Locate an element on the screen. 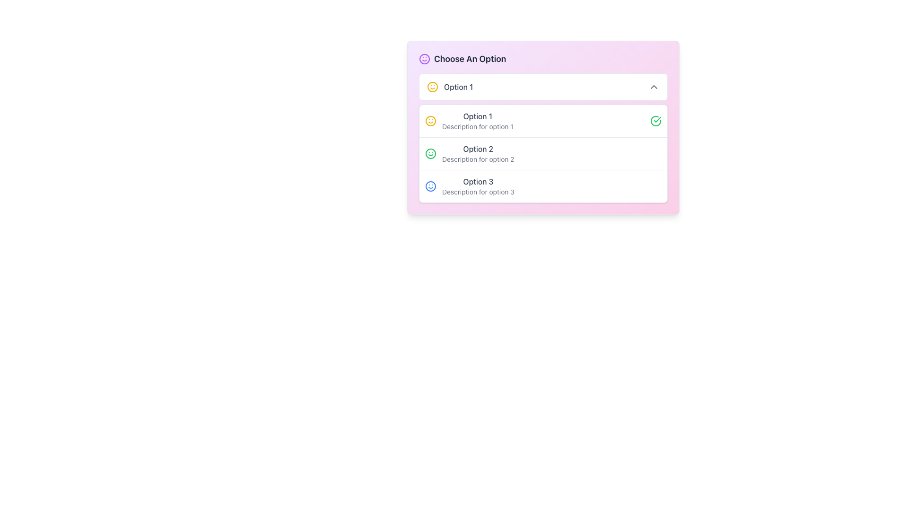 This screenshot has height=511, width=908. the second selectable list item 'Option 2' with a green smiley icon and description is located at coordinates (543, 153).